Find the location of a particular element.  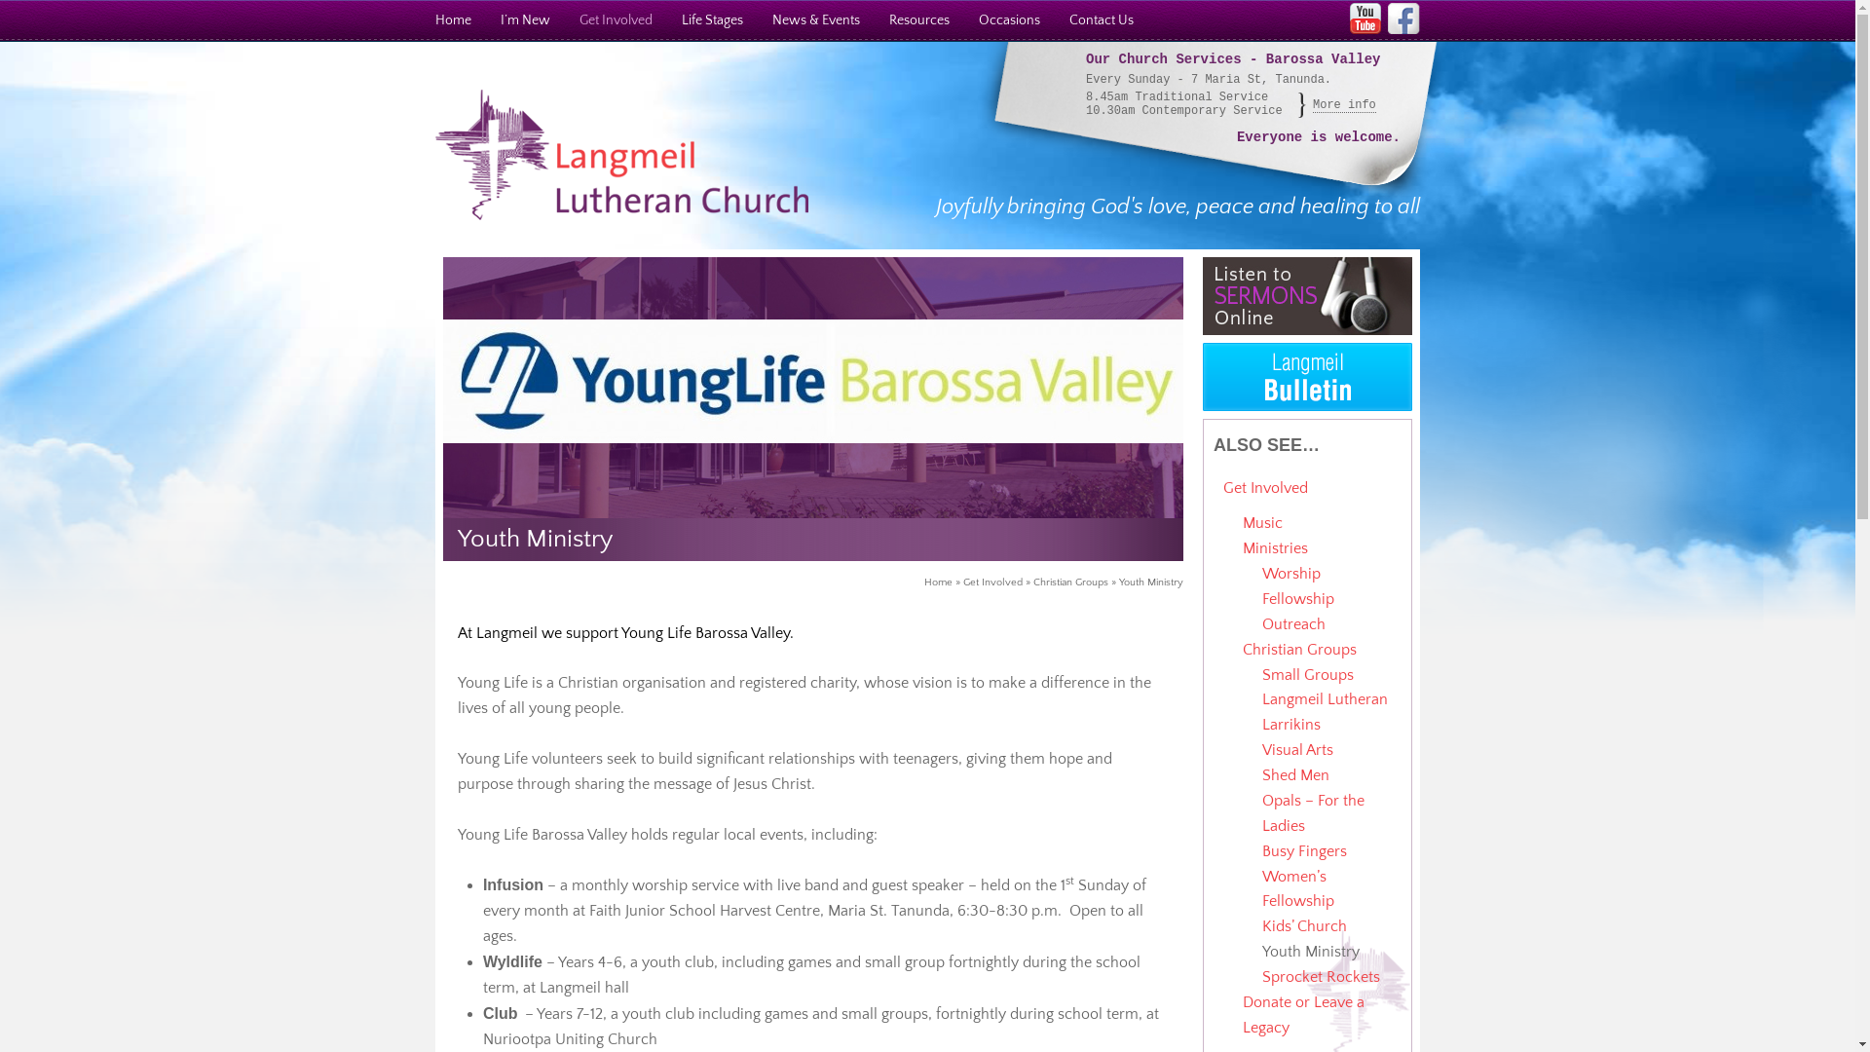

'Donate or Leave a Legacy' is located at coordinates (1303, 1013).